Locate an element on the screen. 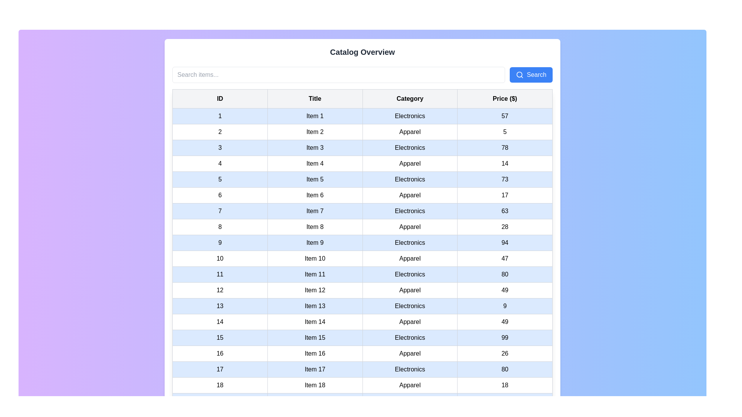  the table cell containing the text '15' is located at coordinates (220, 337).